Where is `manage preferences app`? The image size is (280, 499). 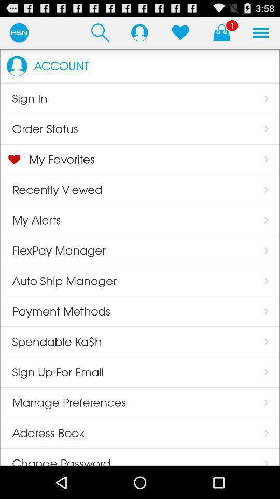 manage preferences app is located at coordinates (63, 402).